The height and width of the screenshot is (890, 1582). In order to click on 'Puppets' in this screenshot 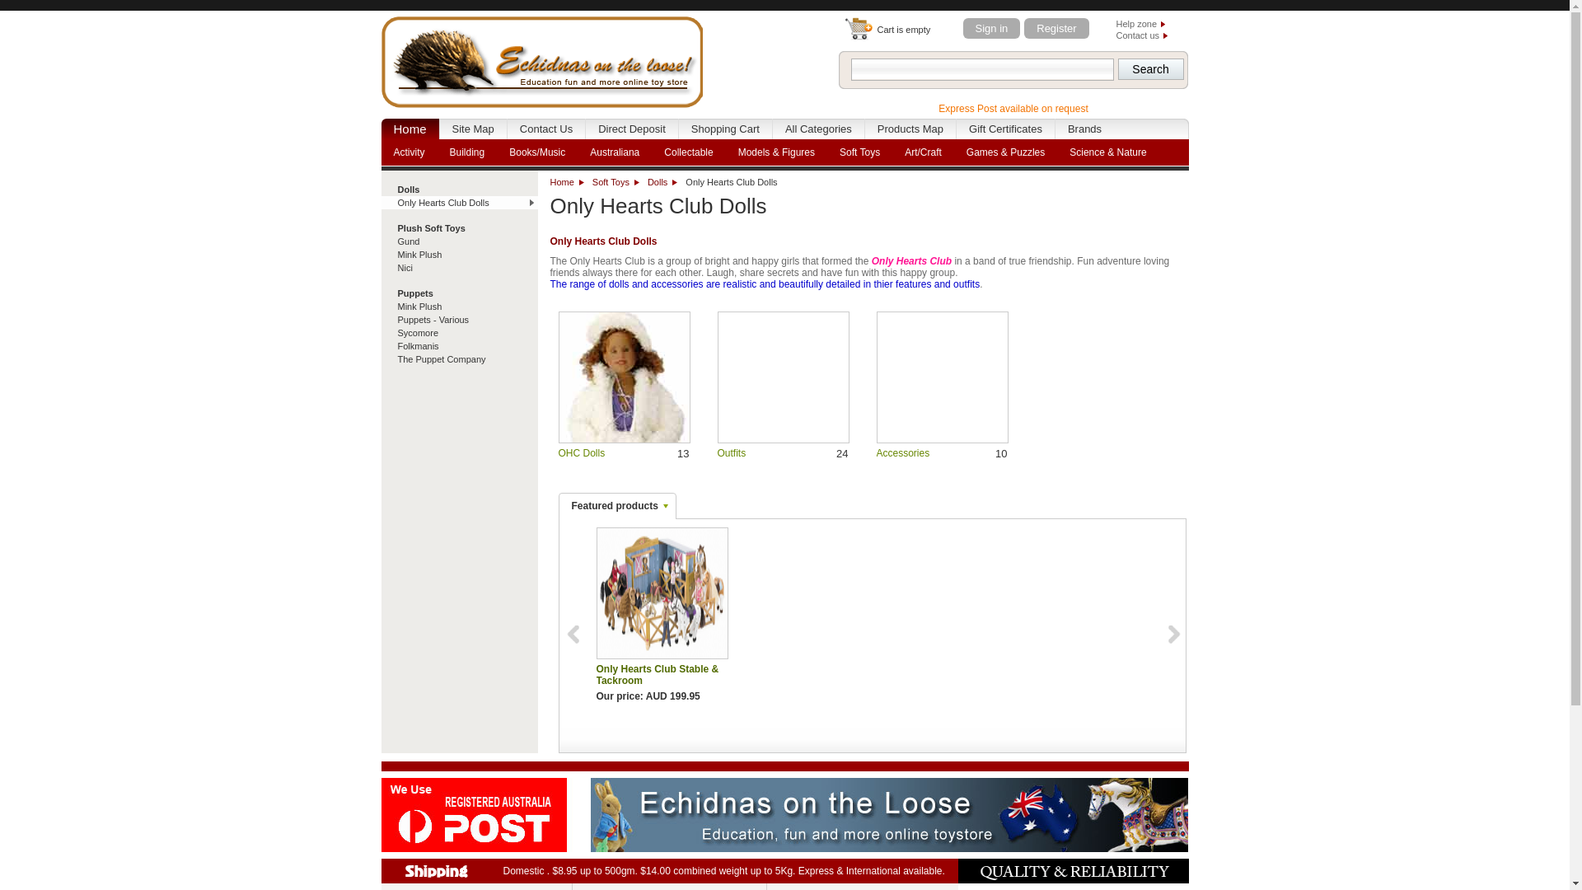, I will do `click(458, 292)`.